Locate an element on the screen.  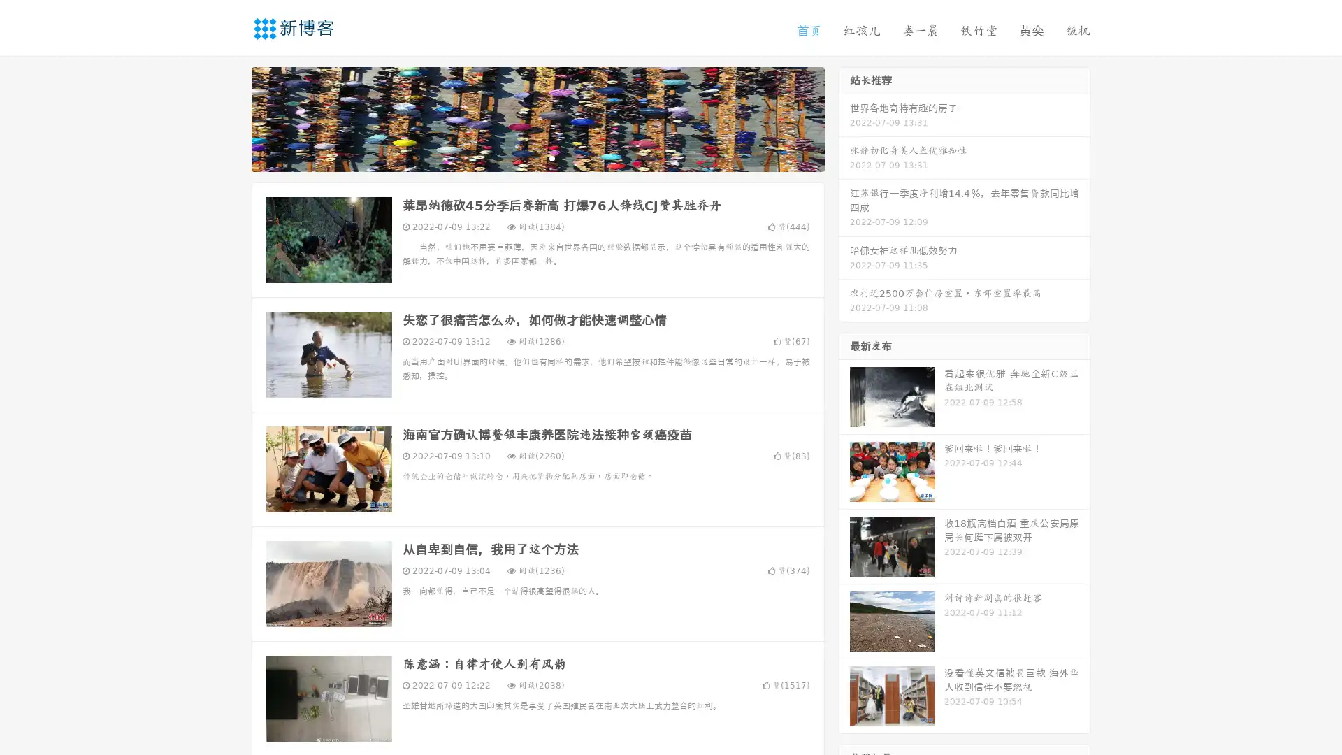
Go to slide 2 is located at coordinates (537, 157).